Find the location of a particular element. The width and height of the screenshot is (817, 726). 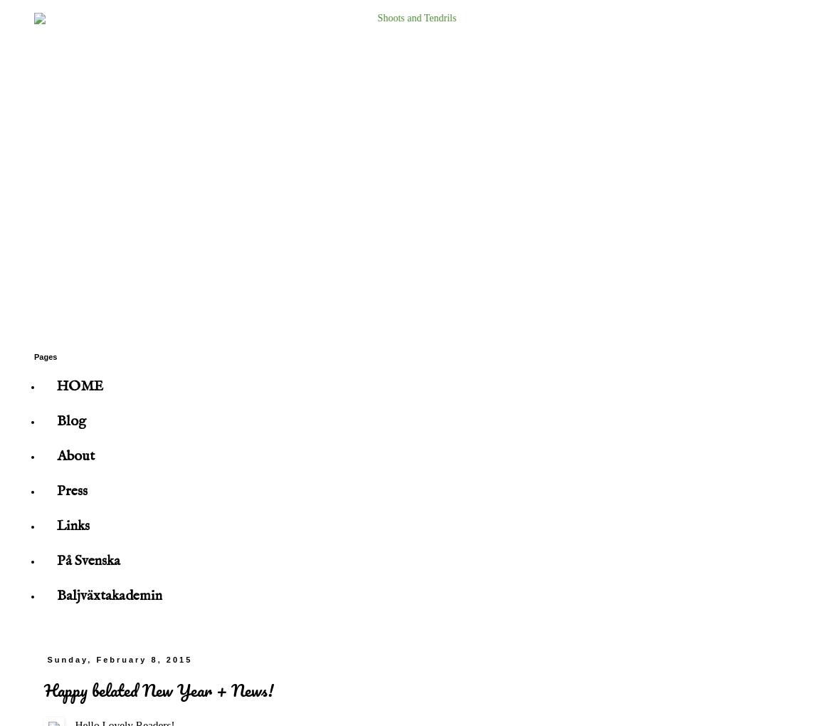

'HOME' is located at coordinates (80, 386).